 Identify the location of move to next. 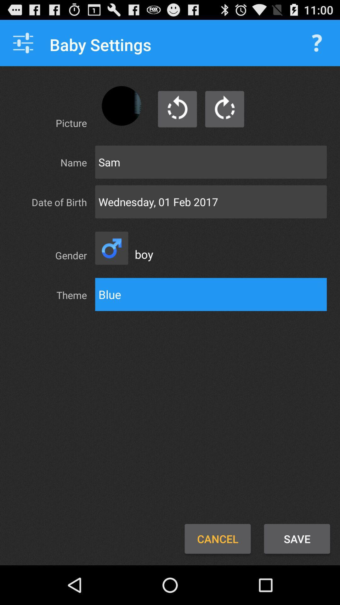
(224, 109).